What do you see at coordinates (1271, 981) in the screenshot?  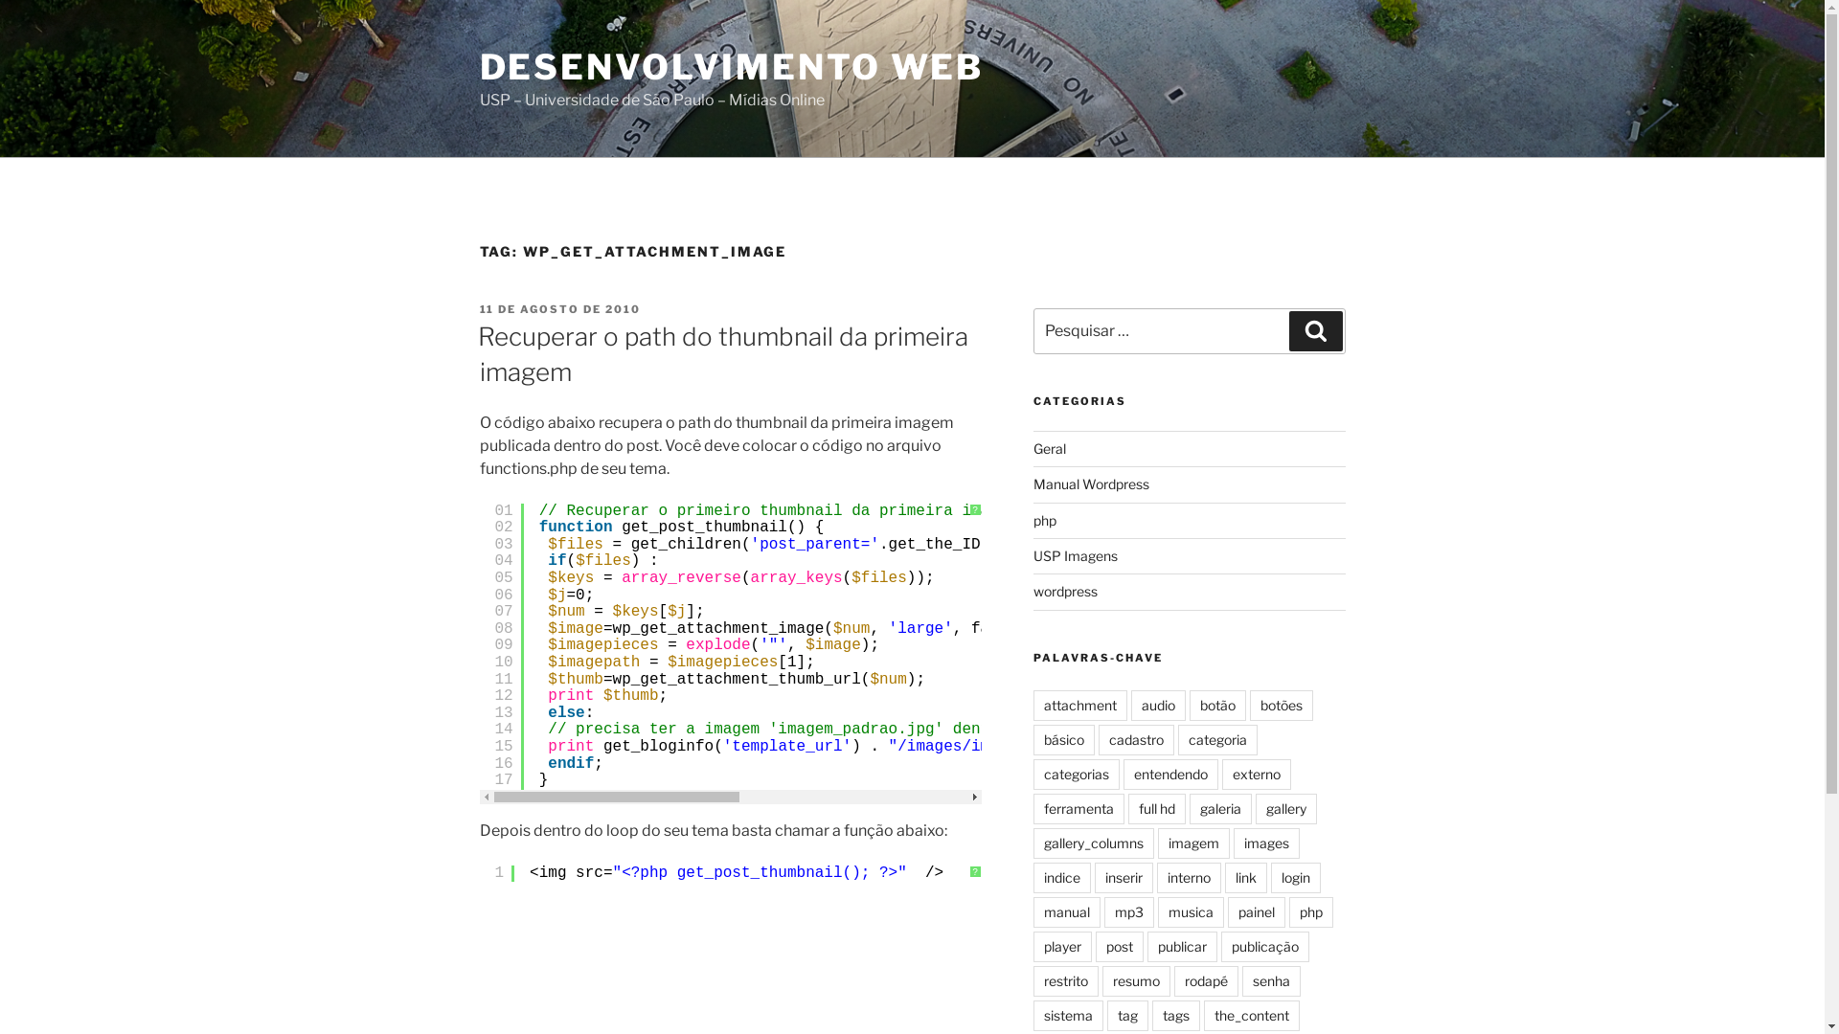 I see `'senha'` at bounding box center [1271, 981].